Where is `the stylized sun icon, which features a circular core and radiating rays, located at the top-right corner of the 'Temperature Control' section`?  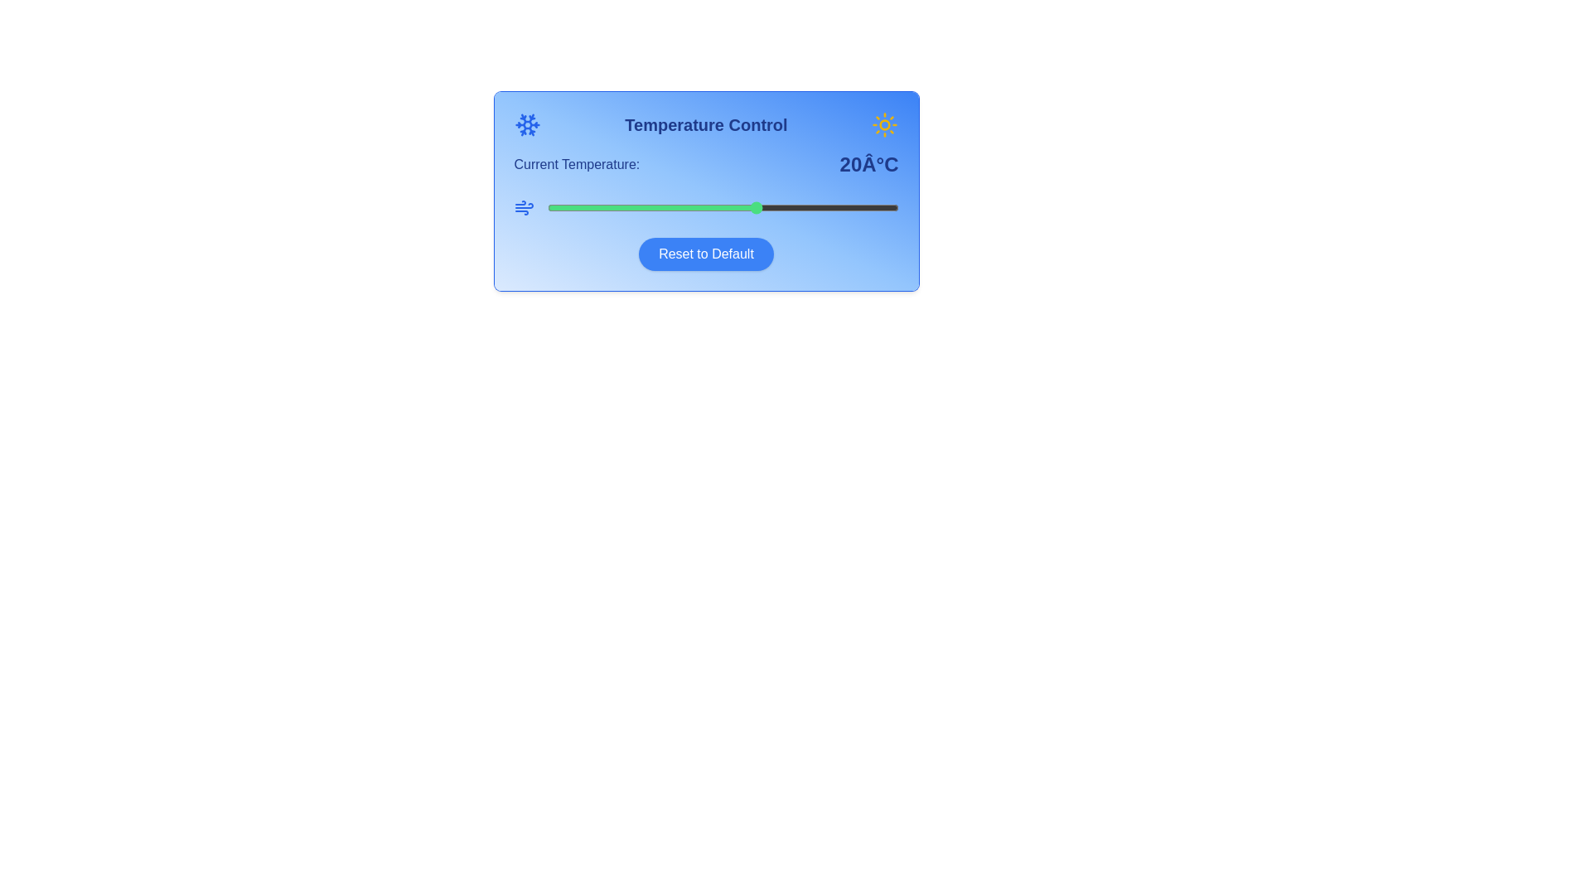
the stylized sun icon, which features a circular core and radiating rays, located at the top-right corner of the 'Temperature Control' section is located at coordinates (884, 123).